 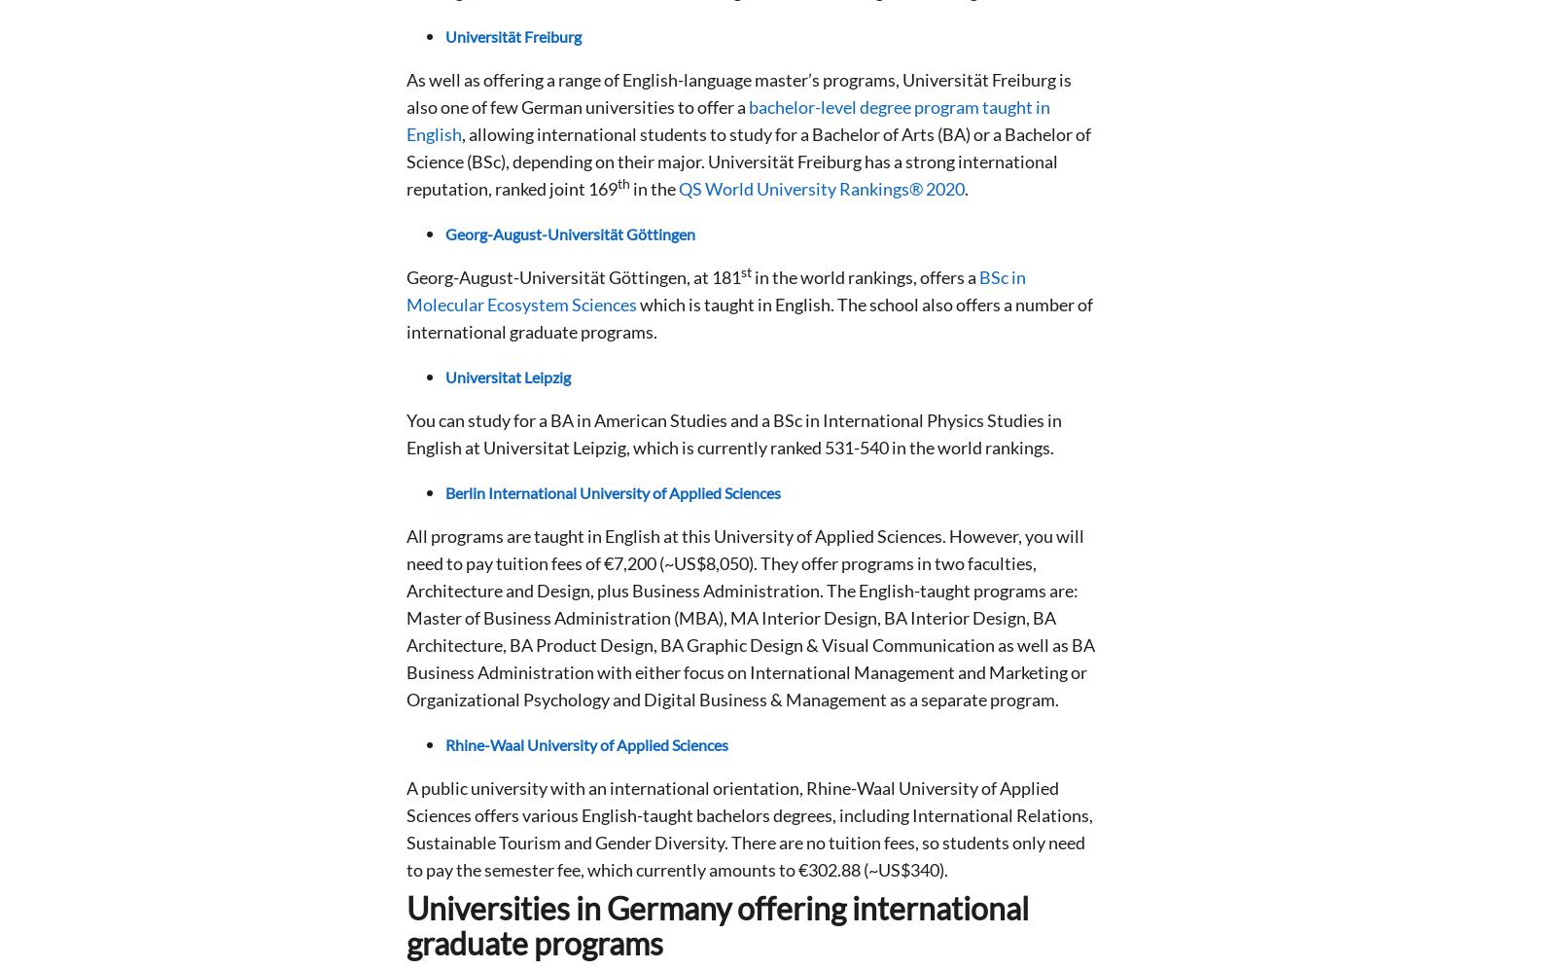 I want to click on 'QS World University Rankings® 2020', so click(x=820, y=189).